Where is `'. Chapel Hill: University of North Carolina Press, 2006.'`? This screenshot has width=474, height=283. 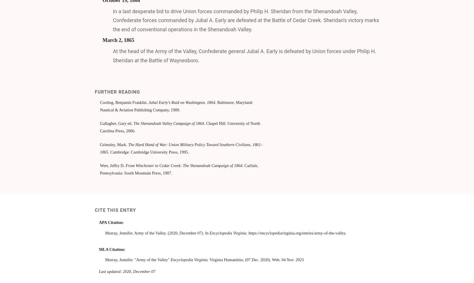 '. Chapel Hill: University of North Carolina Press, 2006.' is located at coordinates (180, 127).